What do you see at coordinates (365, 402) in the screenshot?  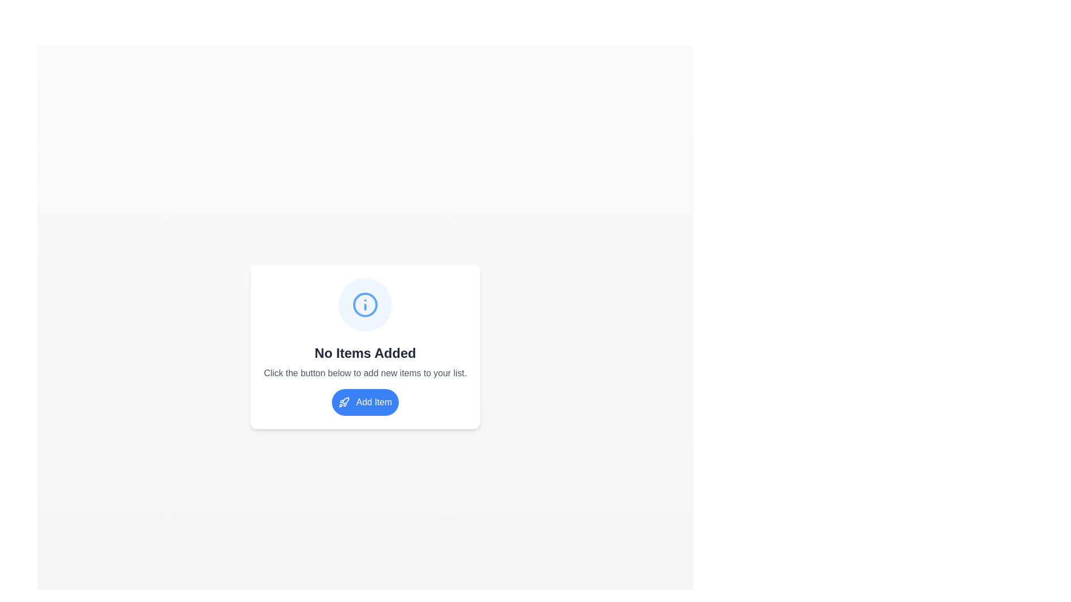 I see `the rounded blue button labeled 'Add Item' with a rocket icon to activate the hover effect` at bounding box center [365, 402].